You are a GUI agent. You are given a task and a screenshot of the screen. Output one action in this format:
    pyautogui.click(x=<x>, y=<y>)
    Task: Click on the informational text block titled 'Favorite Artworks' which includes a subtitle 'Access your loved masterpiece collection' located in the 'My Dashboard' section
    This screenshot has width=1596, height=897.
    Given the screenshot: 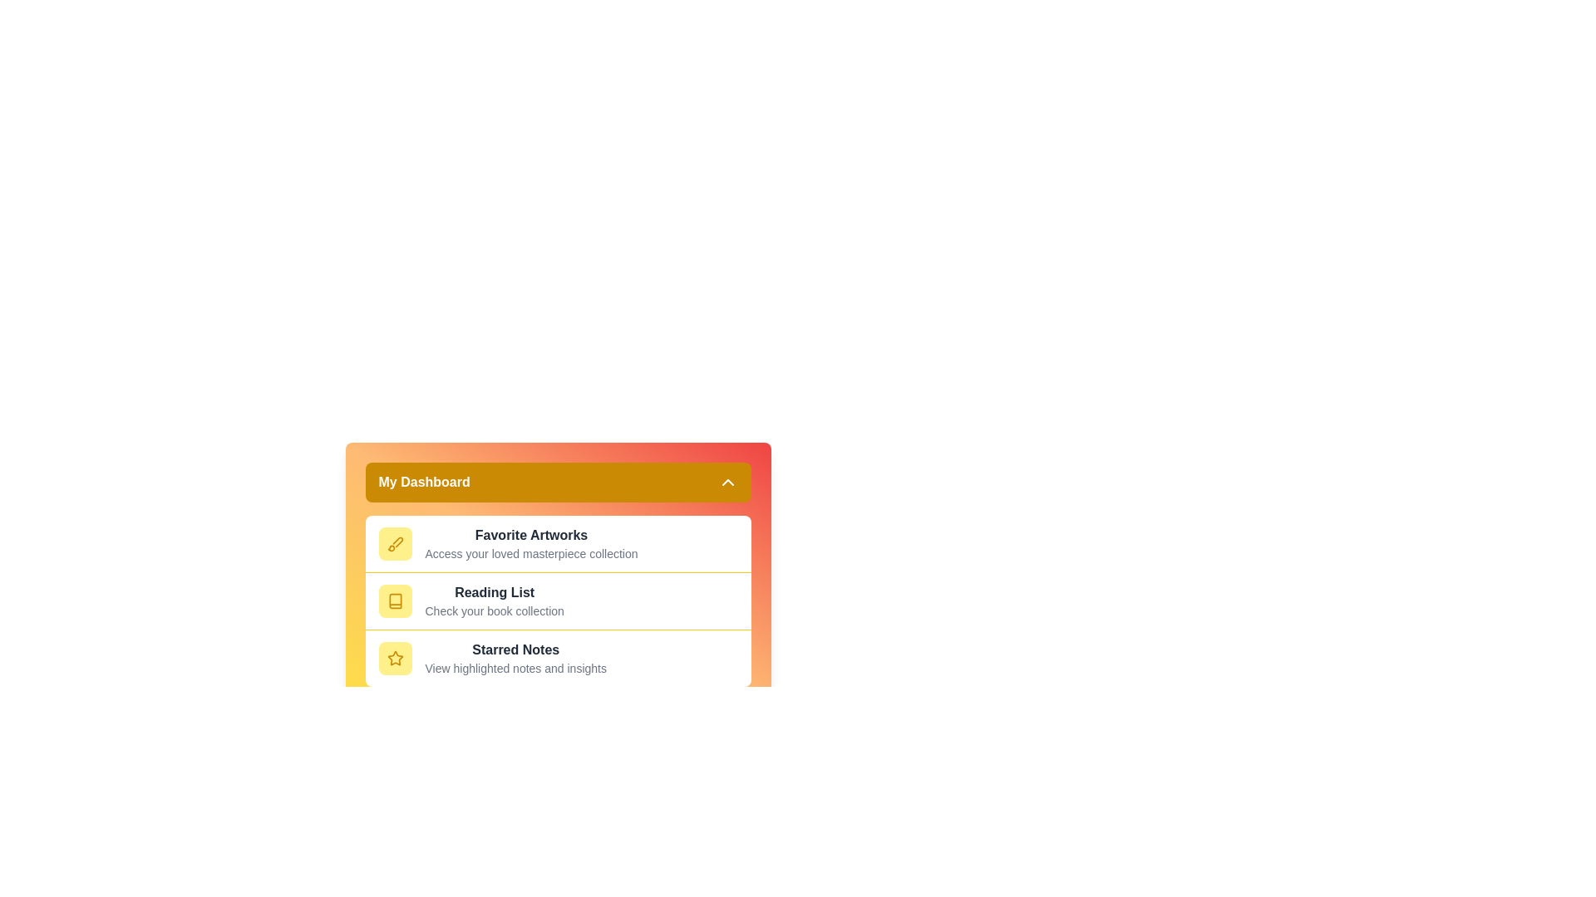 What is the action you would take?
    pyautogui.click(x=530, y=544)
    